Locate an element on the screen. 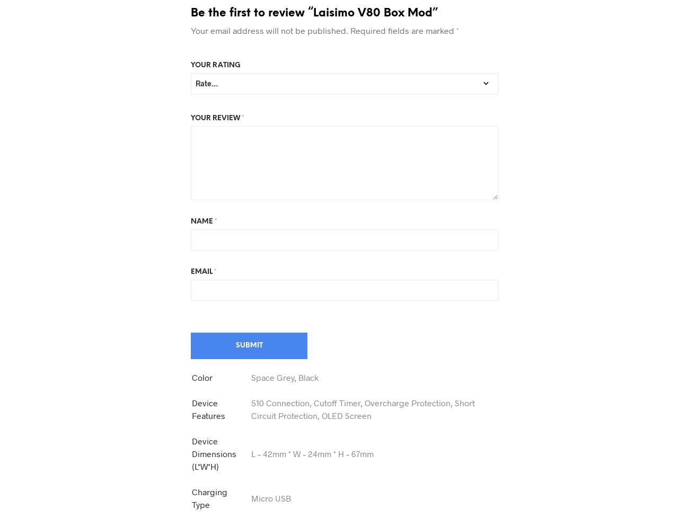 This screenshot has width=689, height=518. 'Email' is located at coordinates (202, 271).